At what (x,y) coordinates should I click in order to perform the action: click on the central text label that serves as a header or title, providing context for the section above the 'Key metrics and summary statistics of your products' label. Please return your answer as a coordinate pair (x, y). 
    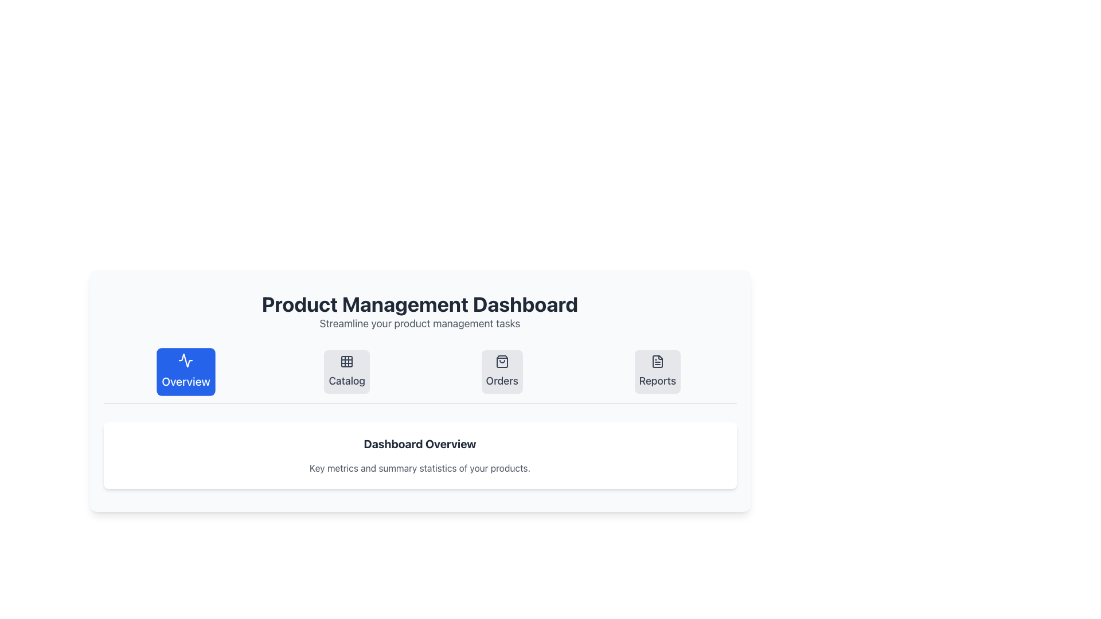
    Looking at the image, I should click on (419, 444).